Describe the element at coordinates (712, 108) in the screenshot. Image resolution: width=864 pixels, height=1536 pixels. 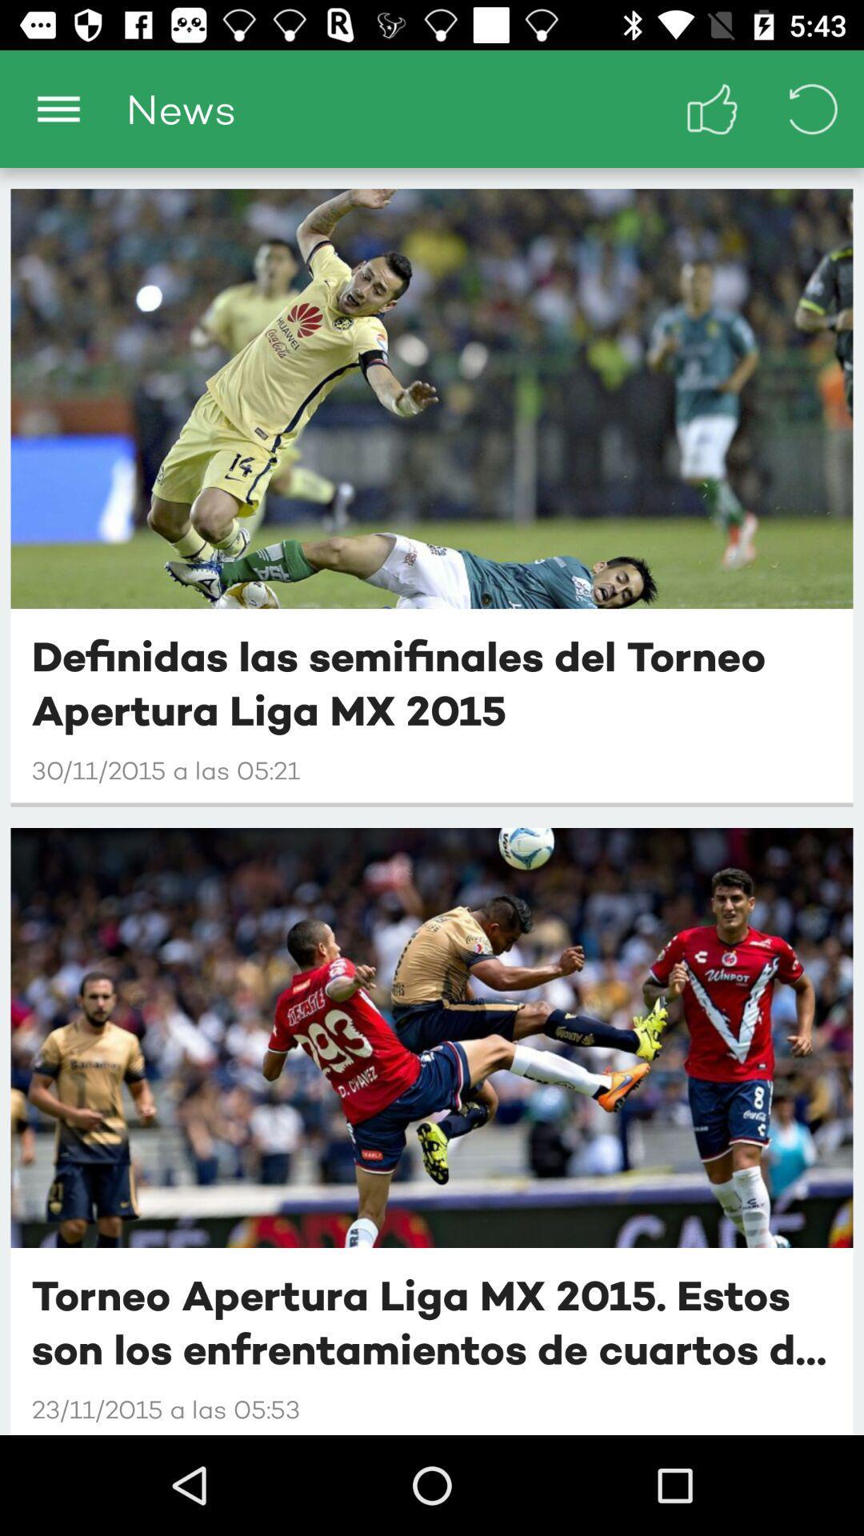
I see `item to the right of news item` at that location.